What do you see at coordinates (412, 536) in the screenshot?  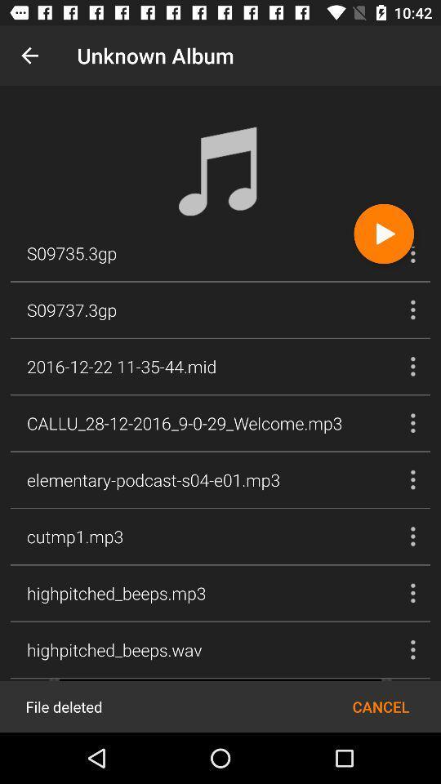 I see `three dot icon right to cutmp1mp3` at bounding box center [412, 536].